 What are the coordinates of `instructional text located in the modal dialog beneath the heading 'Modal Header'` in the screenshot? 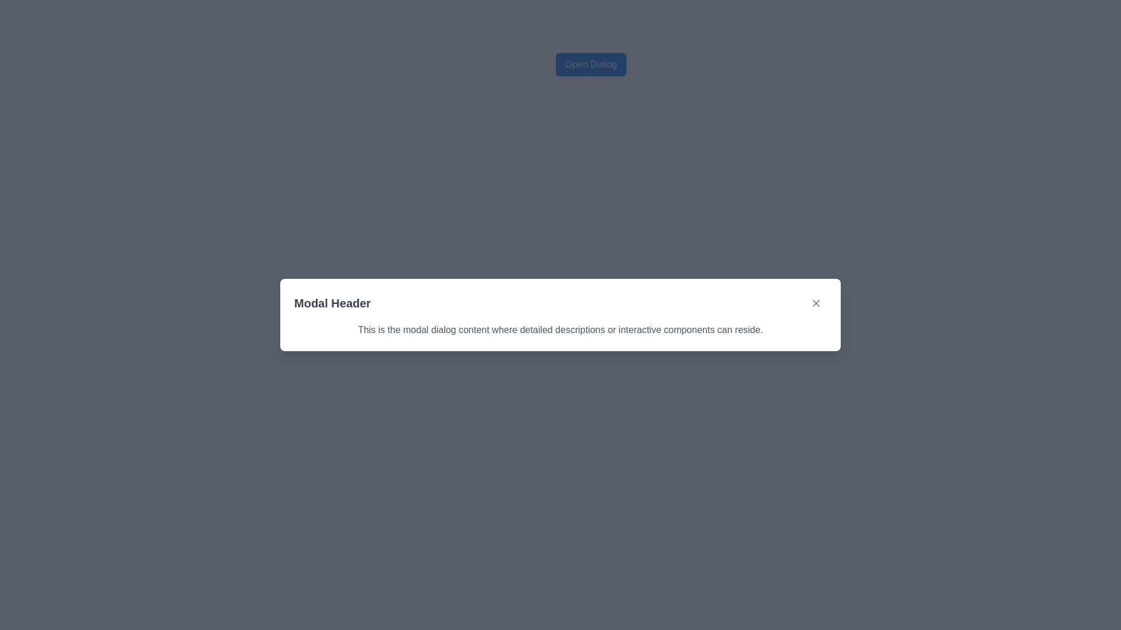 It's located at (560, 330).